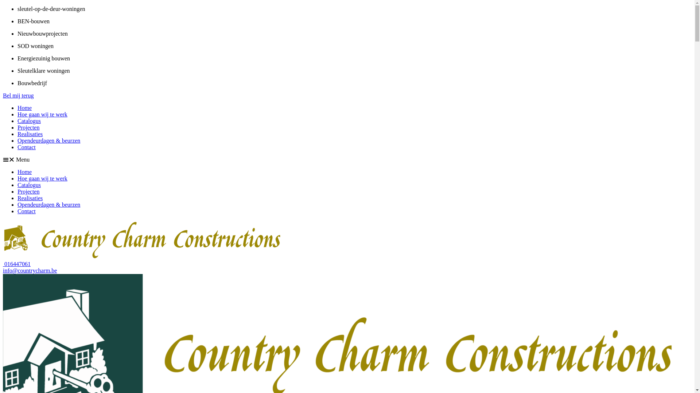  Describe the element at coordinates (30, 198) in the screenshot. I see `'Realisaties'` at that location.